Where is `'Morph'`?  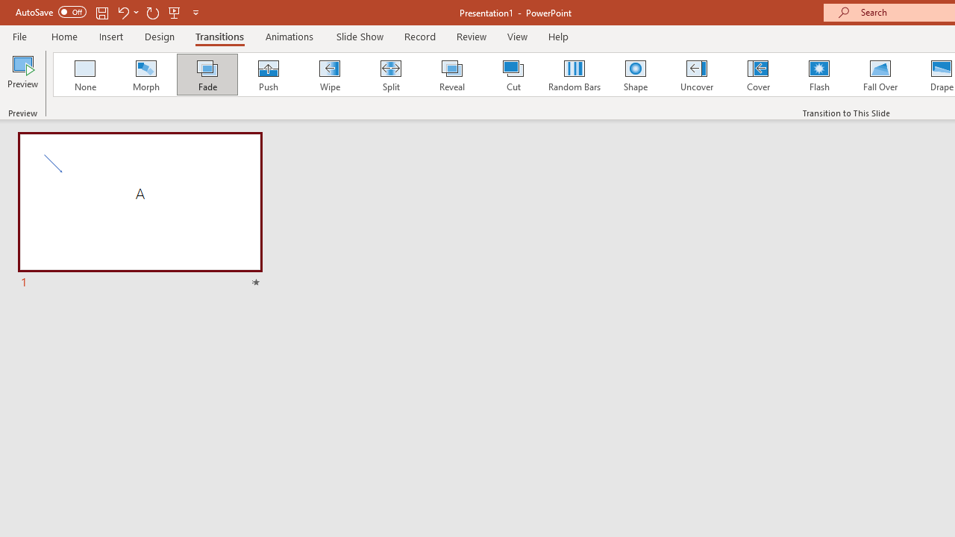 'Morph' is located at coordinates (145, 75).